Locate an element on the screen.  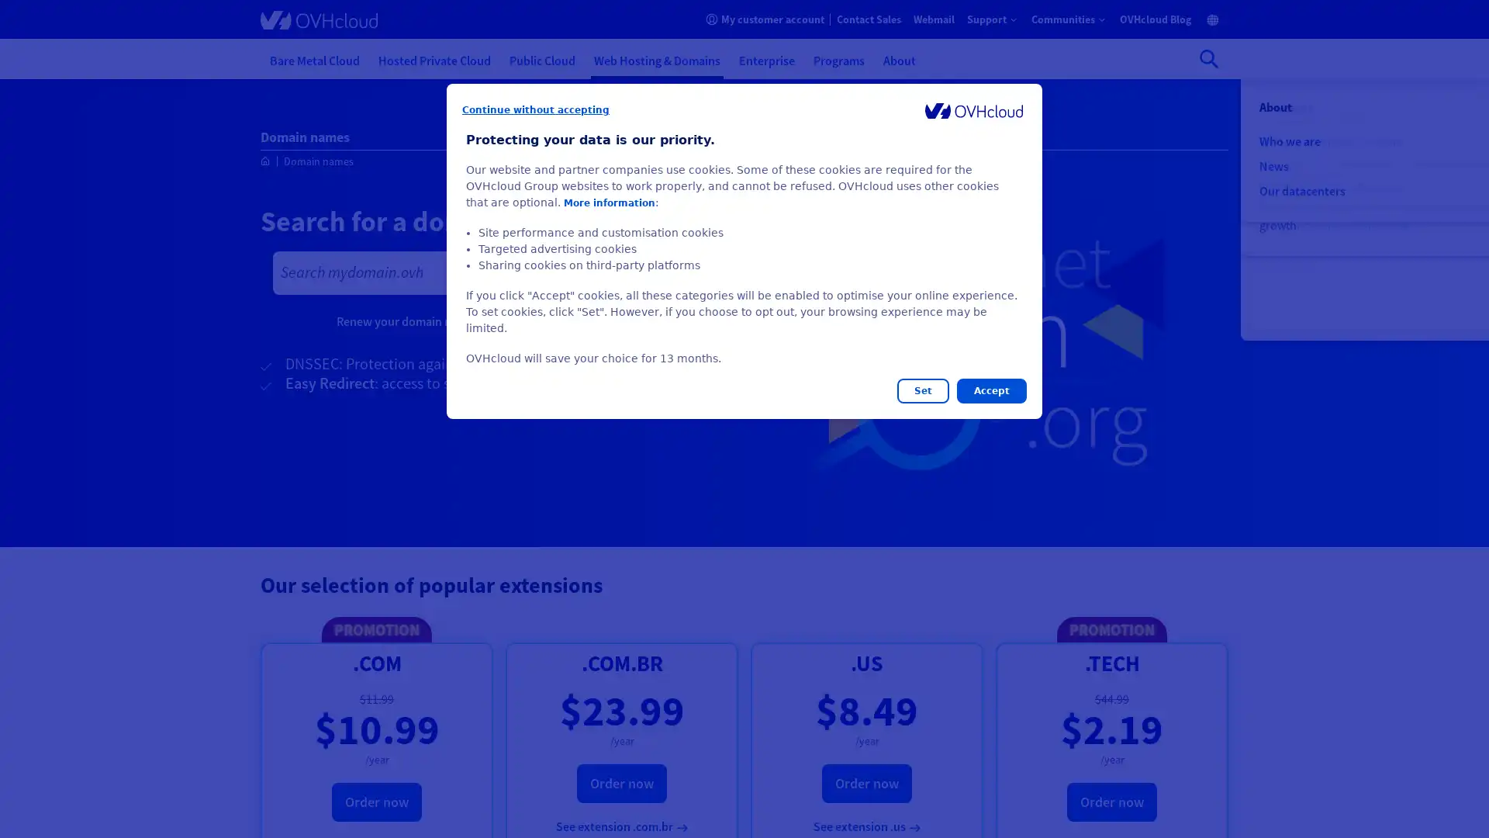
Set is located at coordinates (923, 390).